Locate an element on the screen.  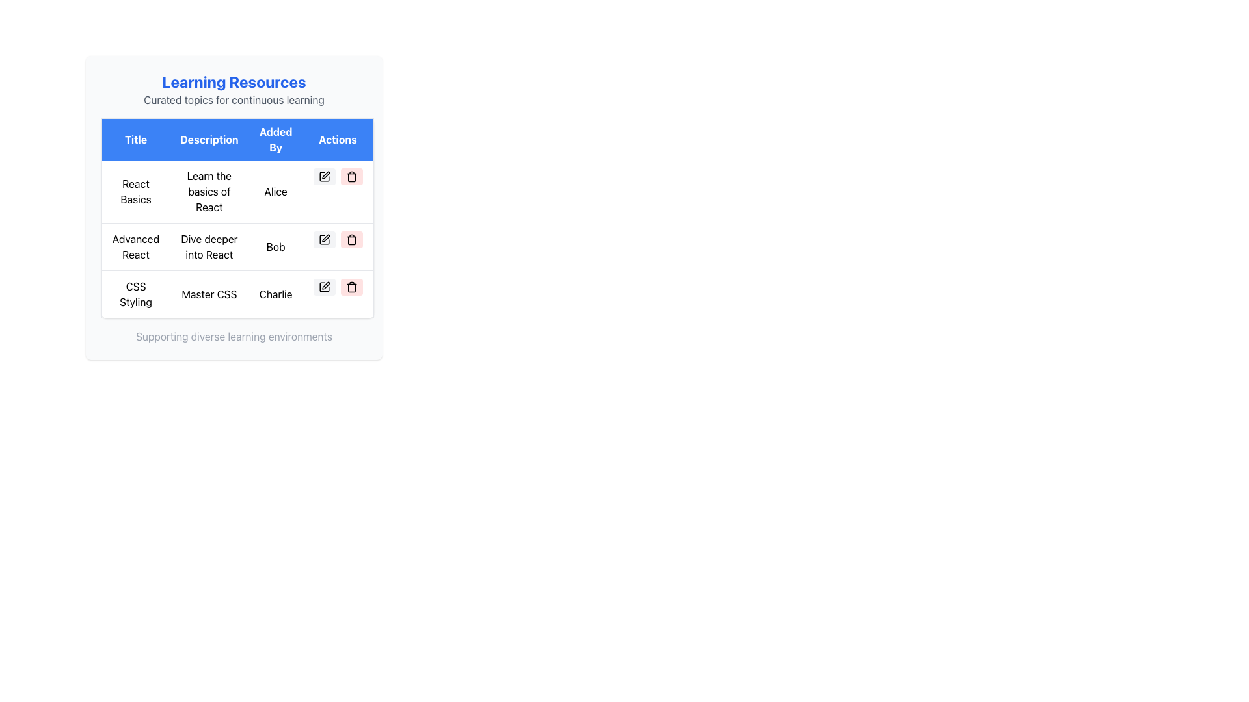
the text element displaying the name 'Bob' located in the 'Added By' column of the row titled 'Advanced React' is located at coordinates (275, 247).